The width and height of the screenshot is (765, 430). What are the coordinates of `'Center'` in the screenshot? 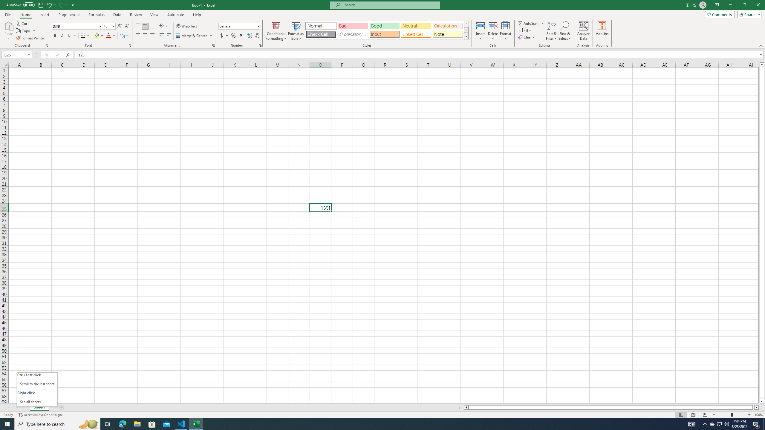 It's located at (145, 35).